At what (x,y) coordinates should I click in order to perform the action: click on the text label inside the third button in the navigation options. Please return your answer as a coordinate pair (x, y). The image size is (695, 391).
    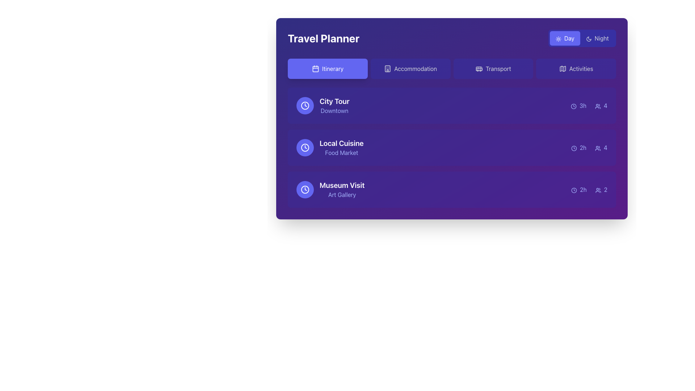
    Looking at the image, I should click on (498, 68).